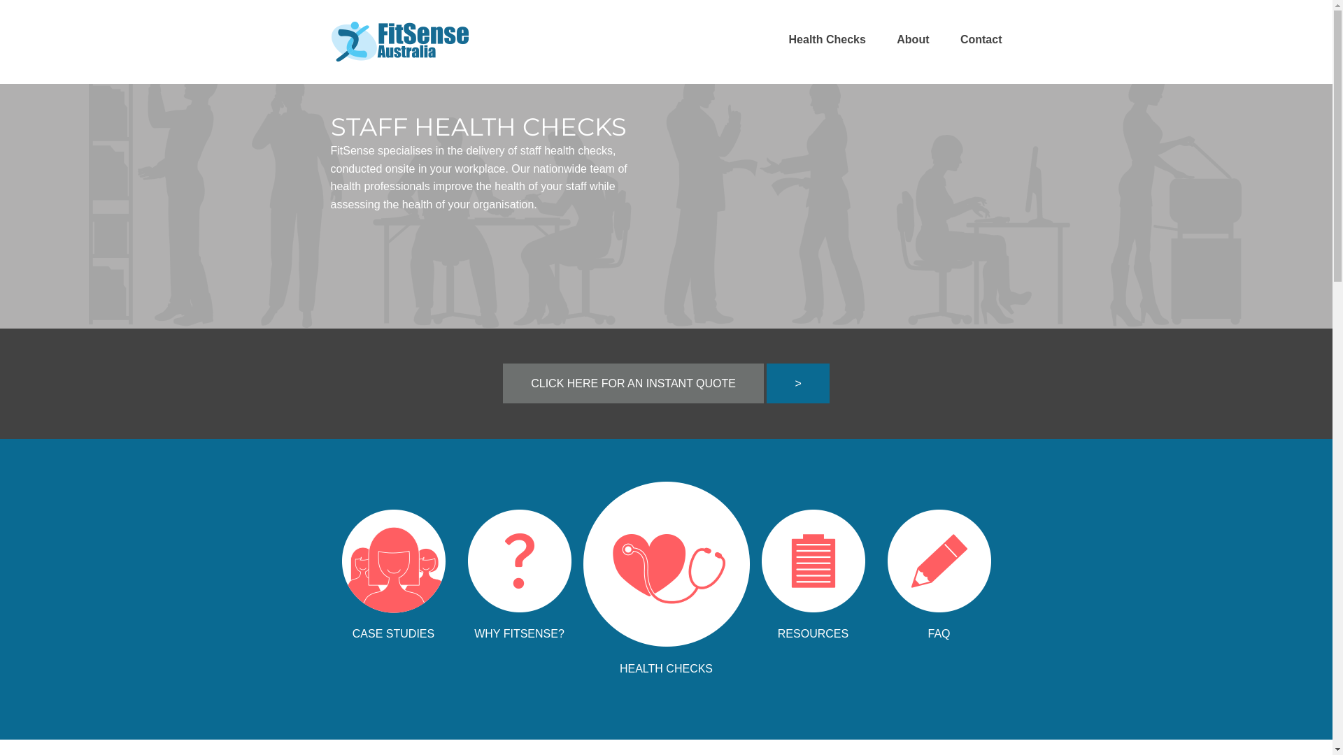 The height and width of the screenshot is (755, 1343). Describe the element at coordinates (748, 567) in the screenshot. I see `'RESOURCES'` at that location.